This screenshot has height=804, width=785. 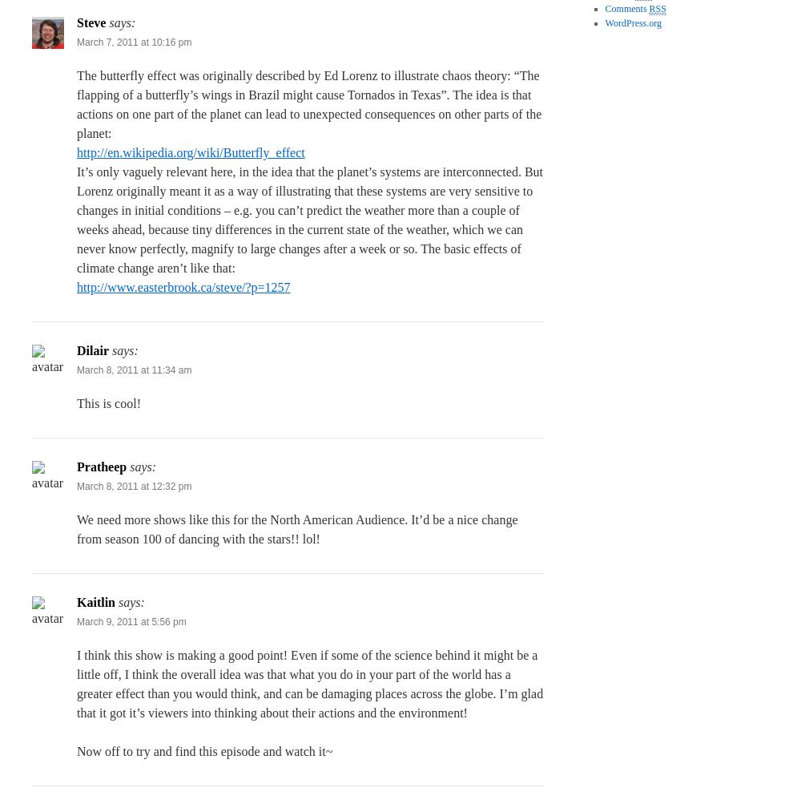 What do you see at coordinates (309, 103) in the screenshot?
I see `'The butterfly effect was originally described by Ed Lorenz to illustrate chaos theory: “The flapping of a butterfly’s wings in Brazil might cause Tornados in Texas”. The idea is that actions on one part of the planet can lead to unexpected consequences on other parts of the planet:'` at bounding box center [309, 103].